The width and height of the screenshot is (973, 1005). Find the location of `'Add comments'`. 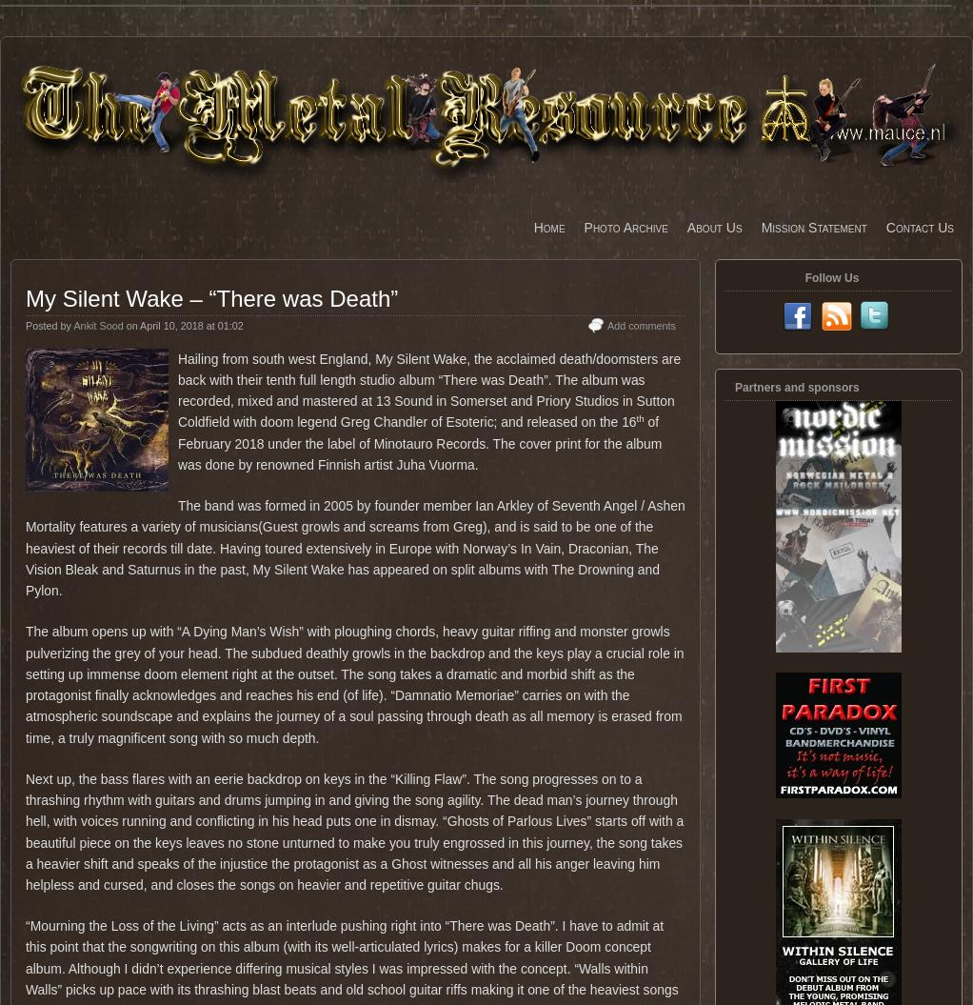

'Add comments' is located at coordinates (640, 325).